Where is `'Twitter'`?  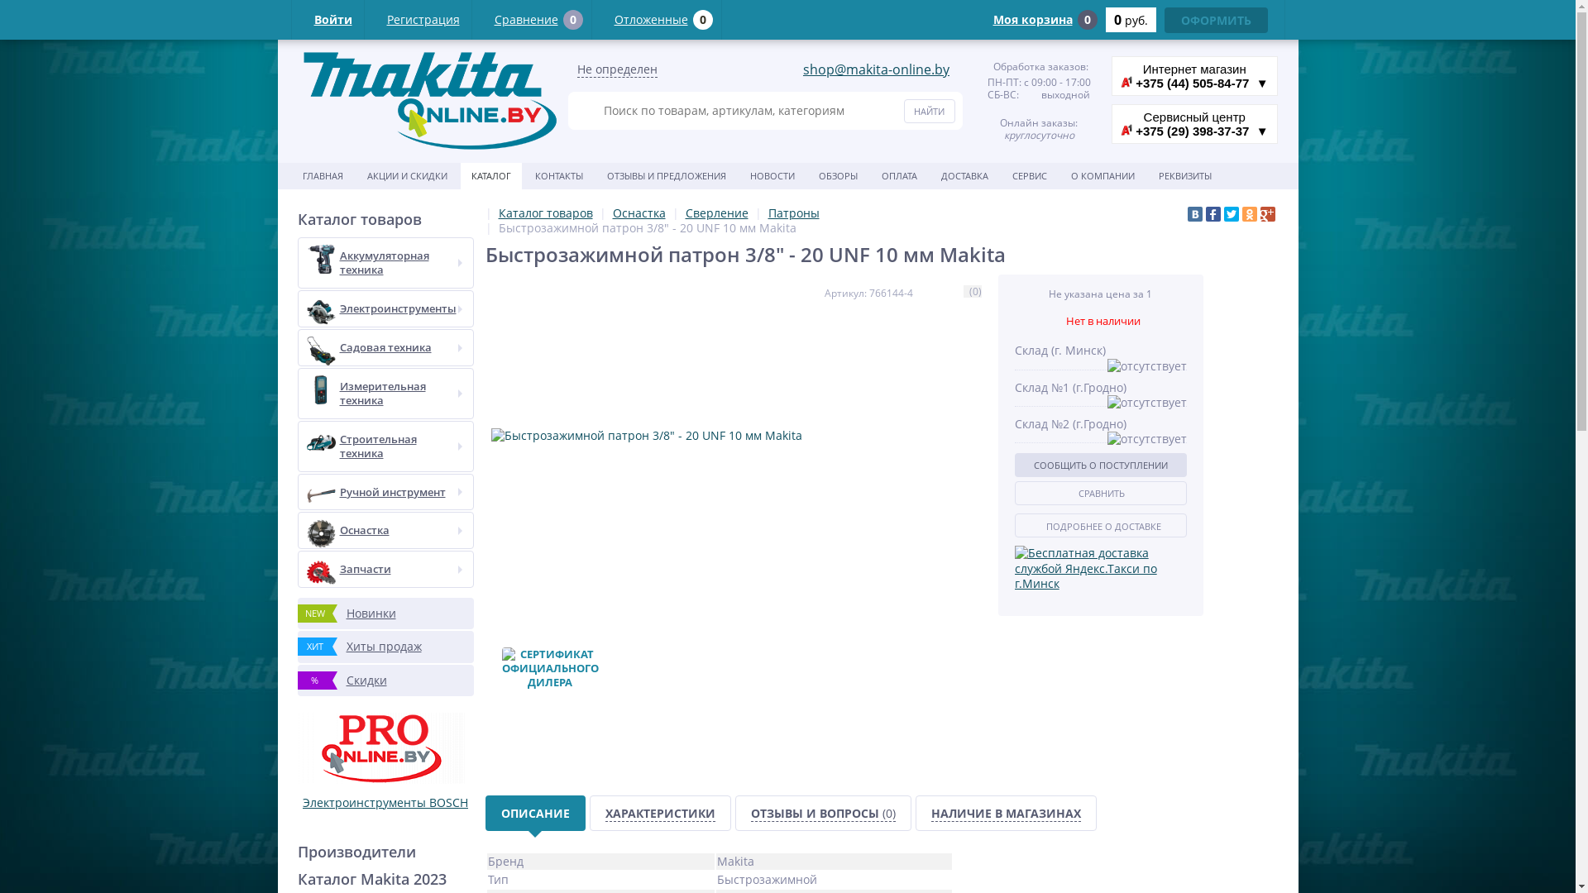 'Twitter' is located at coordinates (1223, 213).